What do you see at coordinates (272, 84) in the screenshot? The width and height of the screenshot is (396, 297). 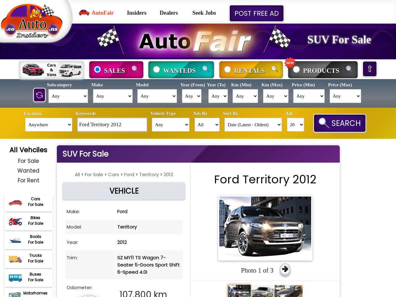 I see `'Km (Max)'` at bounding box center [272, 84].